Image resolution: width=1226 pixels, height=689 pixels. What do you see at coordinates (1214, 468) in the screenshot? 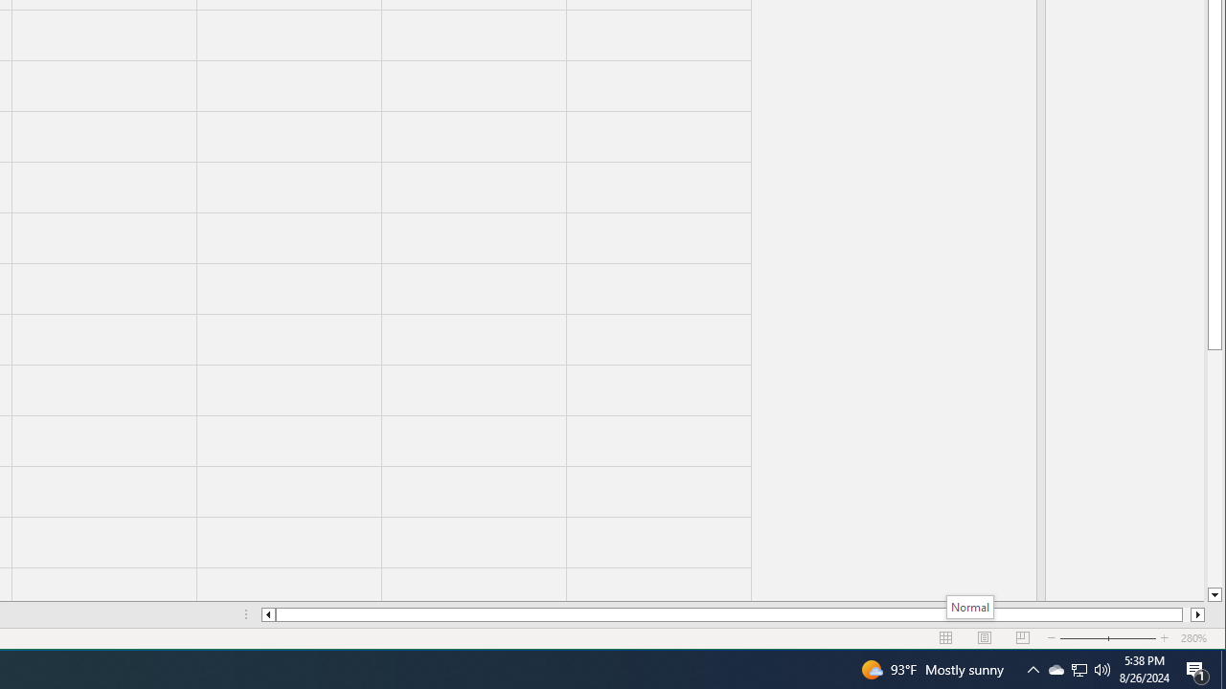
I see `'Page down'` at bounding box center [1214, 468].